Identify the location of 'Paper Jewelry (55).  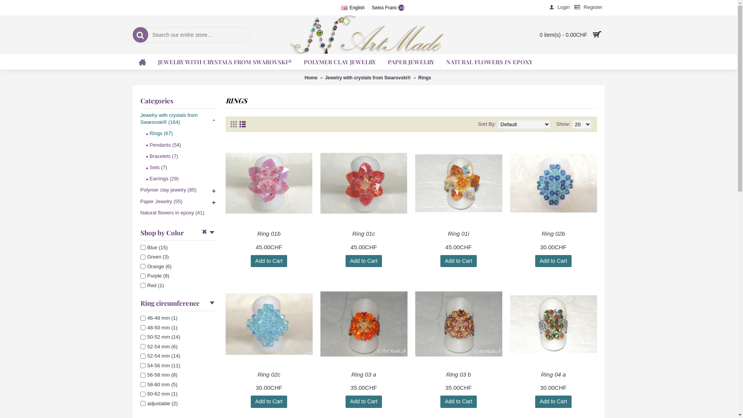
(178, 200).